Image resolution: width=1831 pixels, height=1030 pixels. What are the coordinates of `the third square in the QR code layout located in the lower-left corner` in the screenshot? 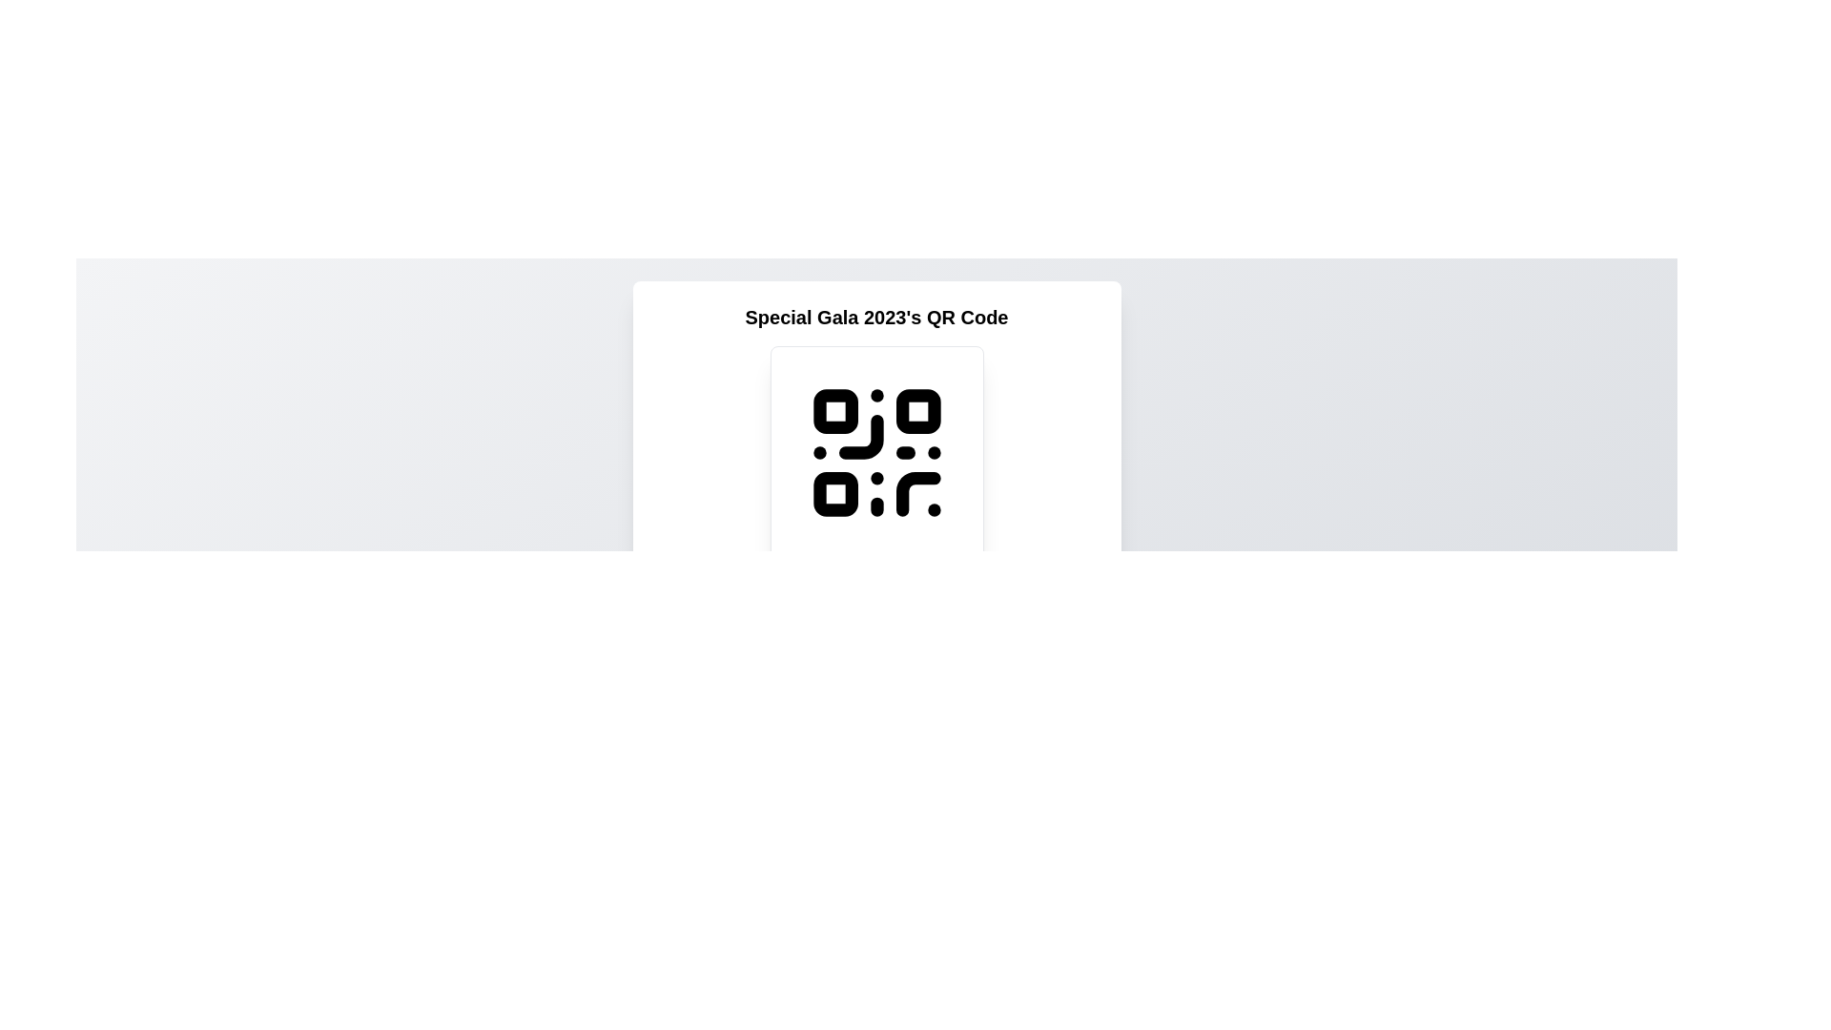 It's located at (835, 493).